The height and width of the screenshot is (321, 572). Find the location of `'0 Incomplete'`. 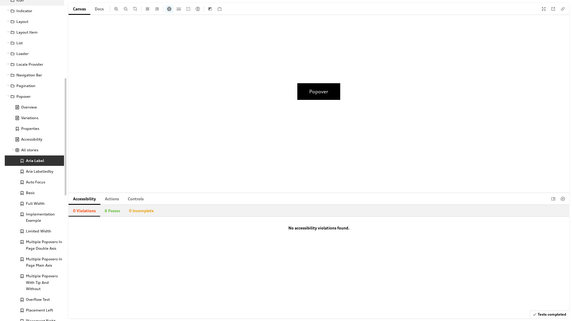

'0 Incomplete' is located at coordinates (124, 210).